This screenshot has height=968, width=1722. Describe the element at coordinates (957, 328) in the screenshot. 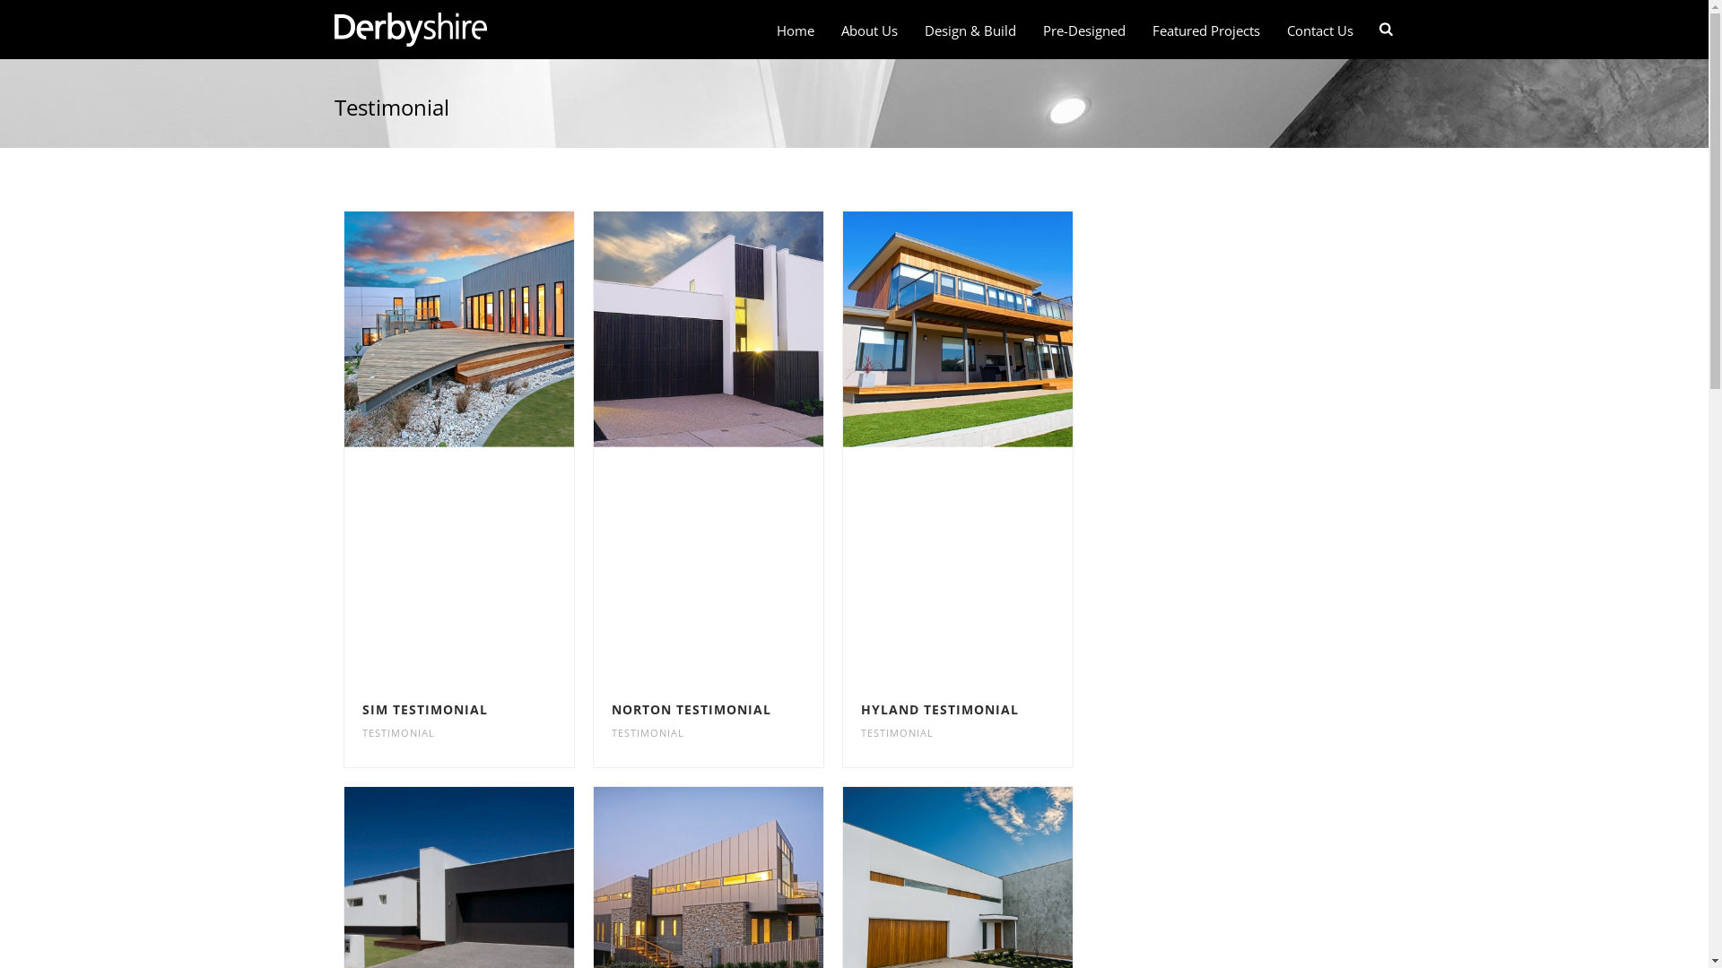

I see `'Hyland Testimonial'` at that location.